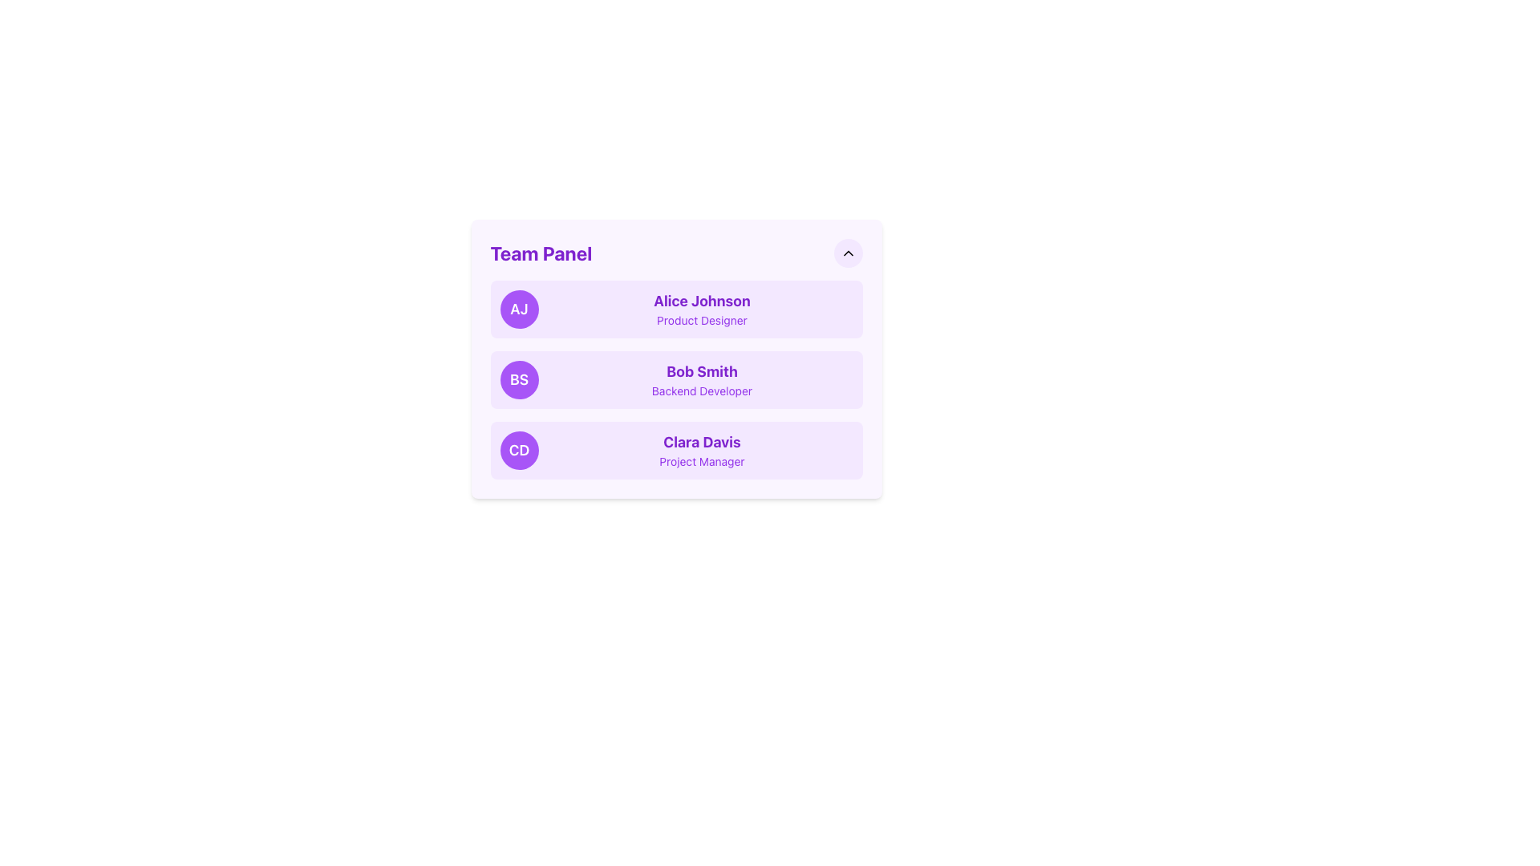 The width and height of the screenshot is (1540, 866). I want to click on the 'Backend Developer' text label, which displays the user's role directly below 'Bob Smith' in the vertical list panel, so click(702, 391).